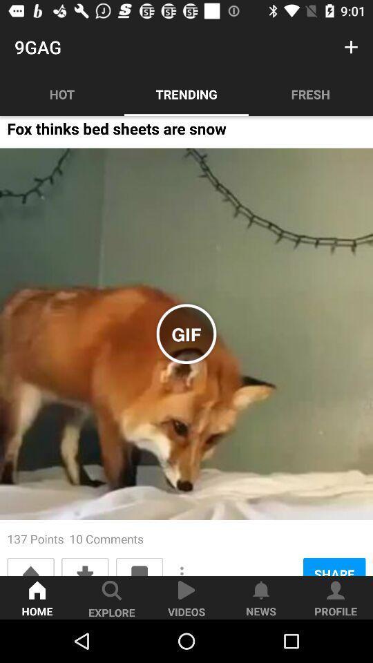  Describe the element at coordinates (75, 538) in the screenshot. I see `137 points 	10 item` at that location.